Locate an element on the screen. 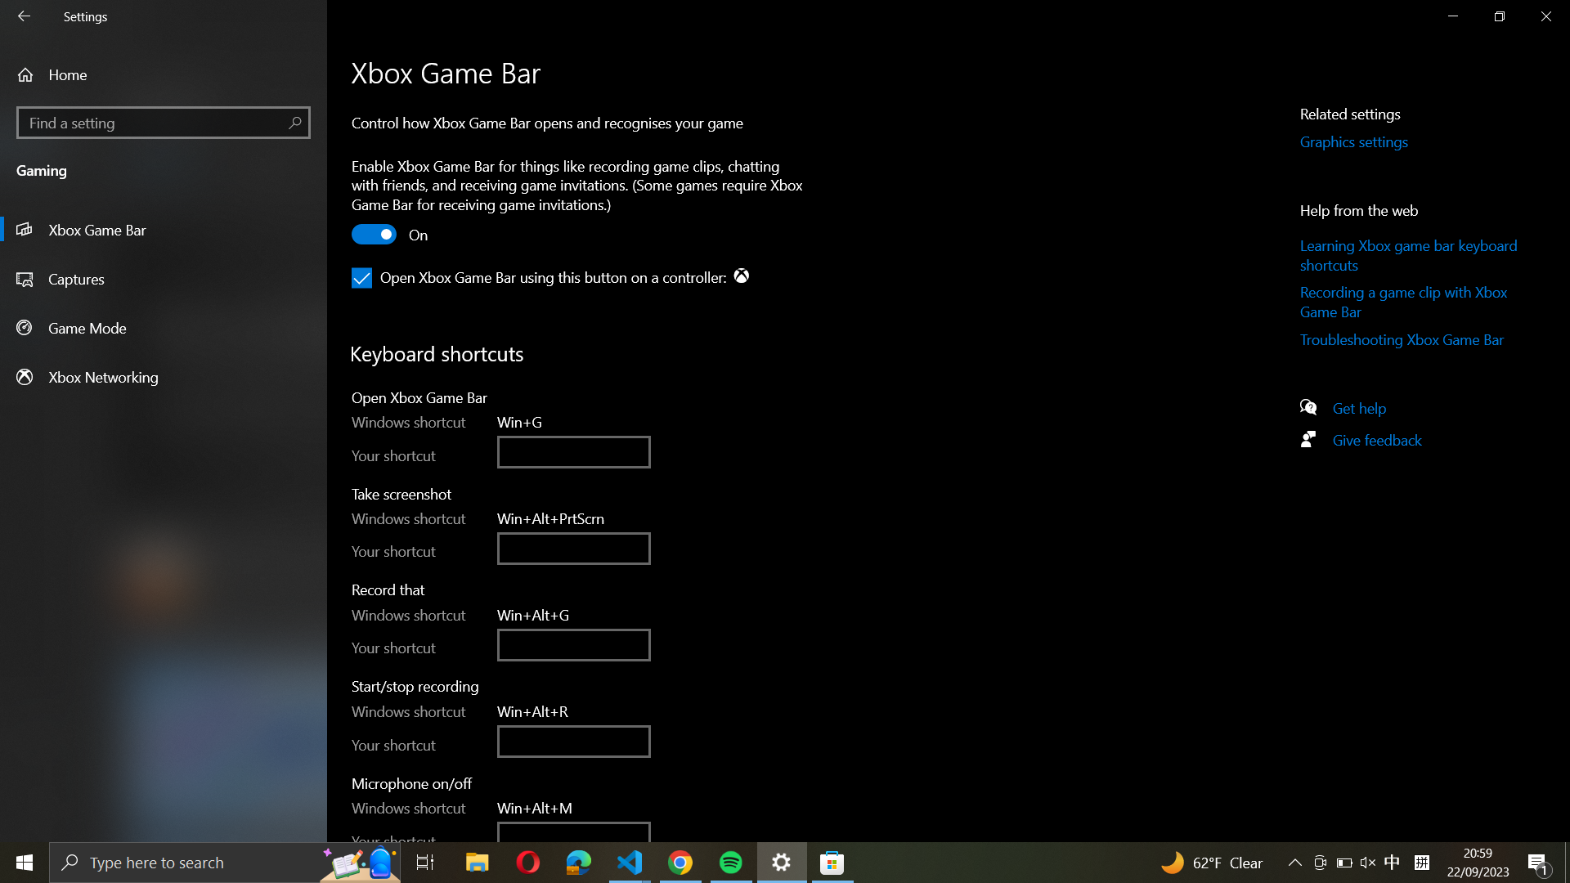 This screenshot has width=1570, height=883. the Home page in settings by clicking on the icon shaped like a house is located at coordinates (164, 74).